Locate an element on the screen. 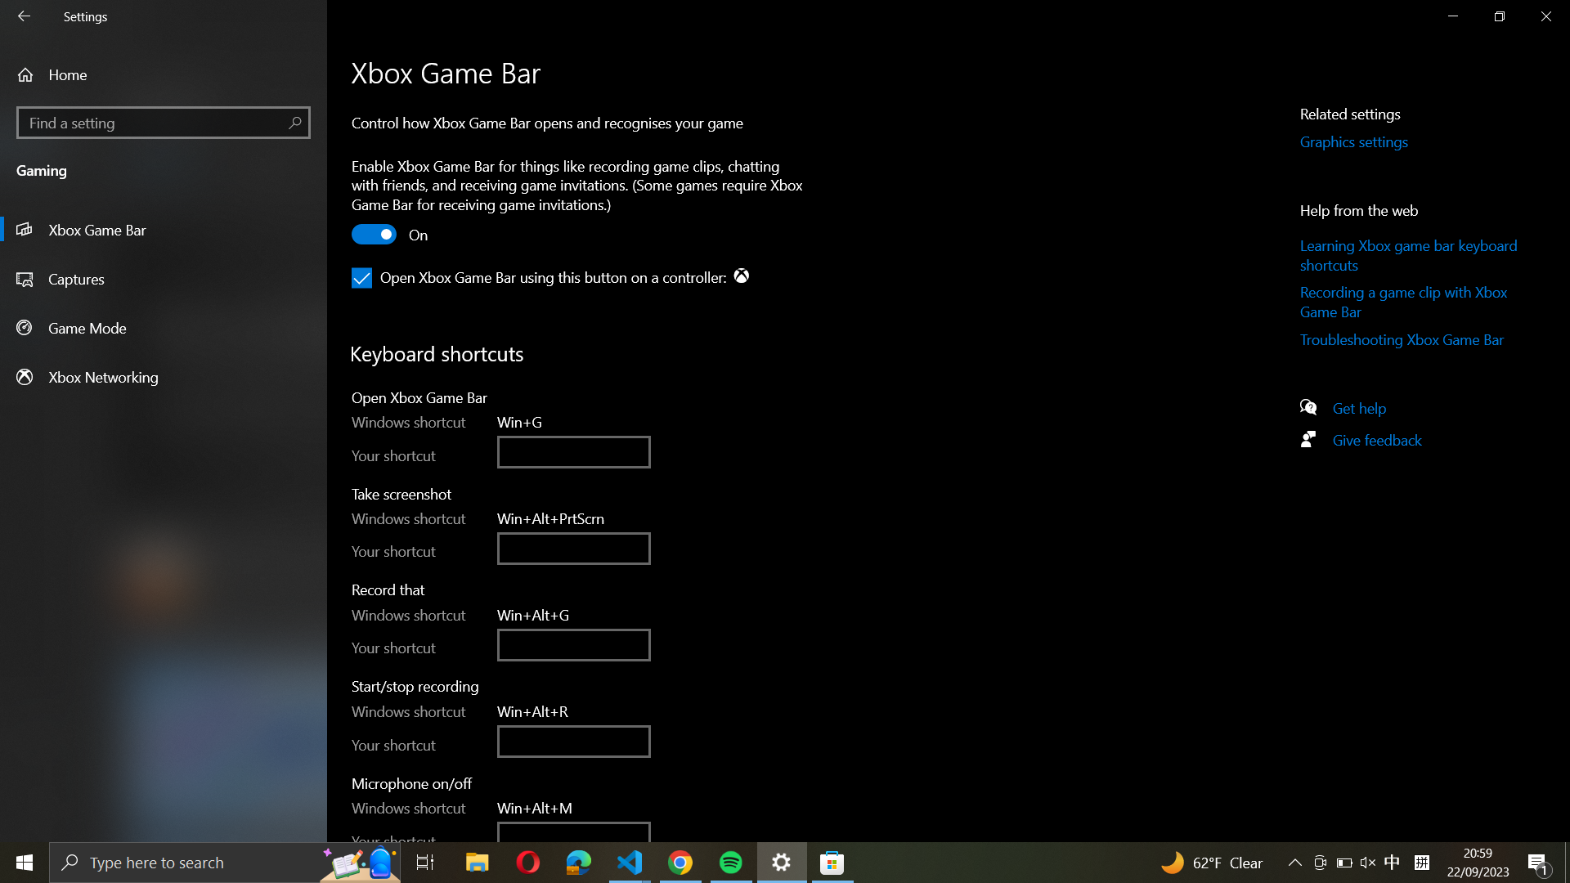 This screenshot has width=1570, height=883. the Home page in settings by clicking on the icon shaped like a house is located at coordinates (164, 74).